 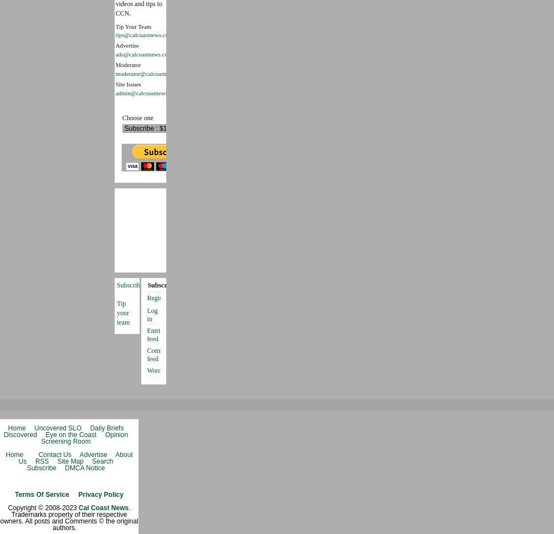 I want to click on 'Site Map', so click(x=70, y=460).